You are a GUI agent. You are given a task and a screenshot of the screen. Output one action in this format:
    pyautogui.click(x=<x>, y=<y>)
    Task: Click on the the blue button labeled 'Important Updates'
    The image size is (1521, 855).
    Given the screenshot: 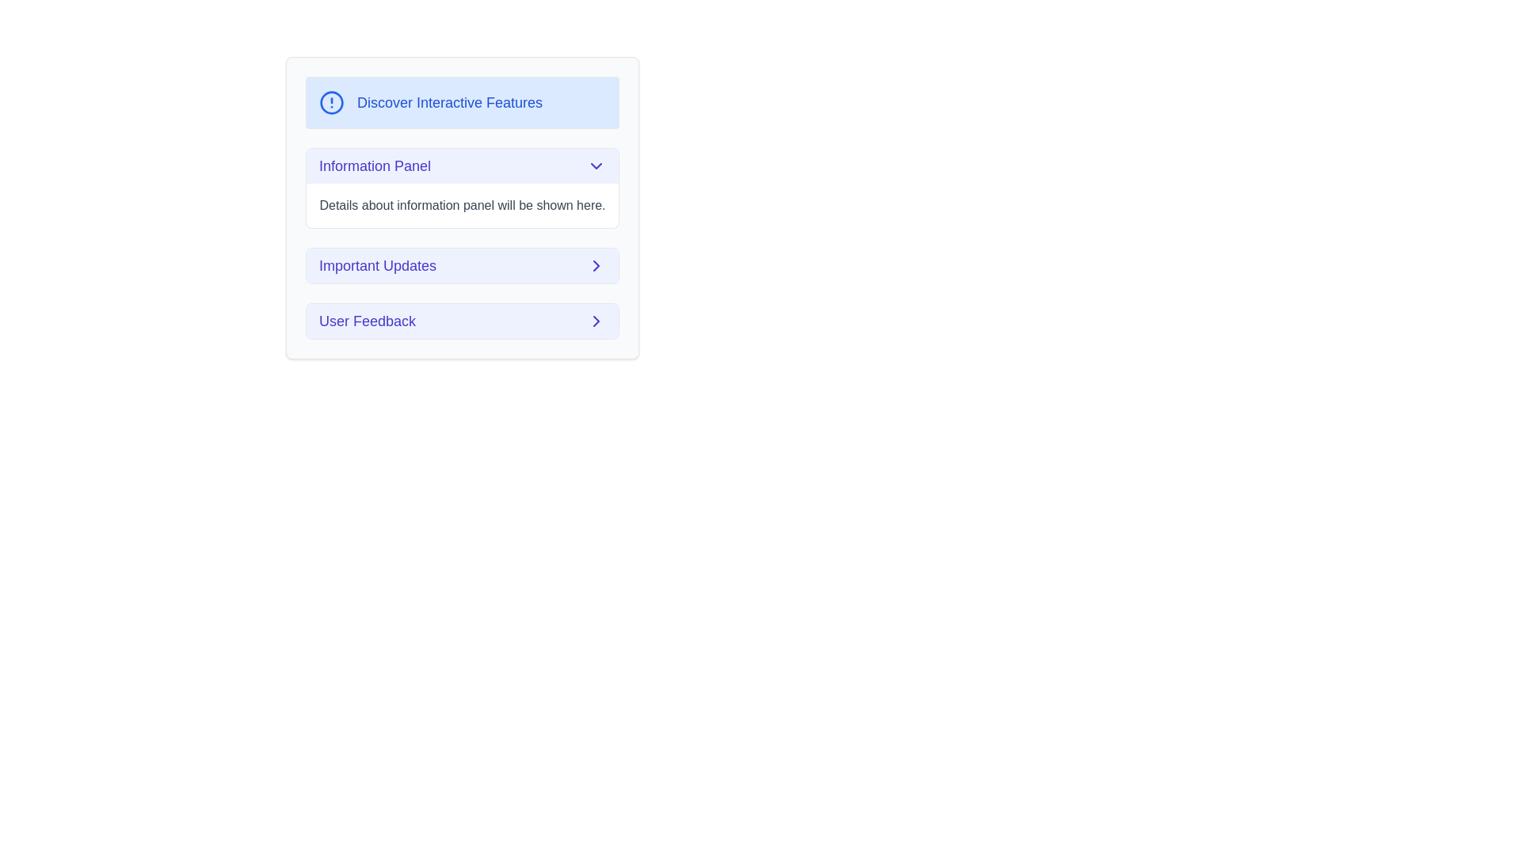 What is the action you would take?
    pyautogui.click(x=462, y=264)
    